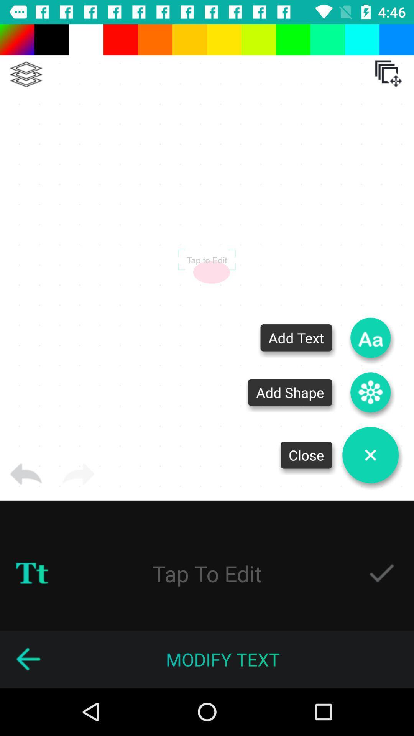 The width and height of the screenshot is (414, 736). What do you see at coordinates (78, 474) in the screenshot?
I see `redo` at bounding box center [78, 474].